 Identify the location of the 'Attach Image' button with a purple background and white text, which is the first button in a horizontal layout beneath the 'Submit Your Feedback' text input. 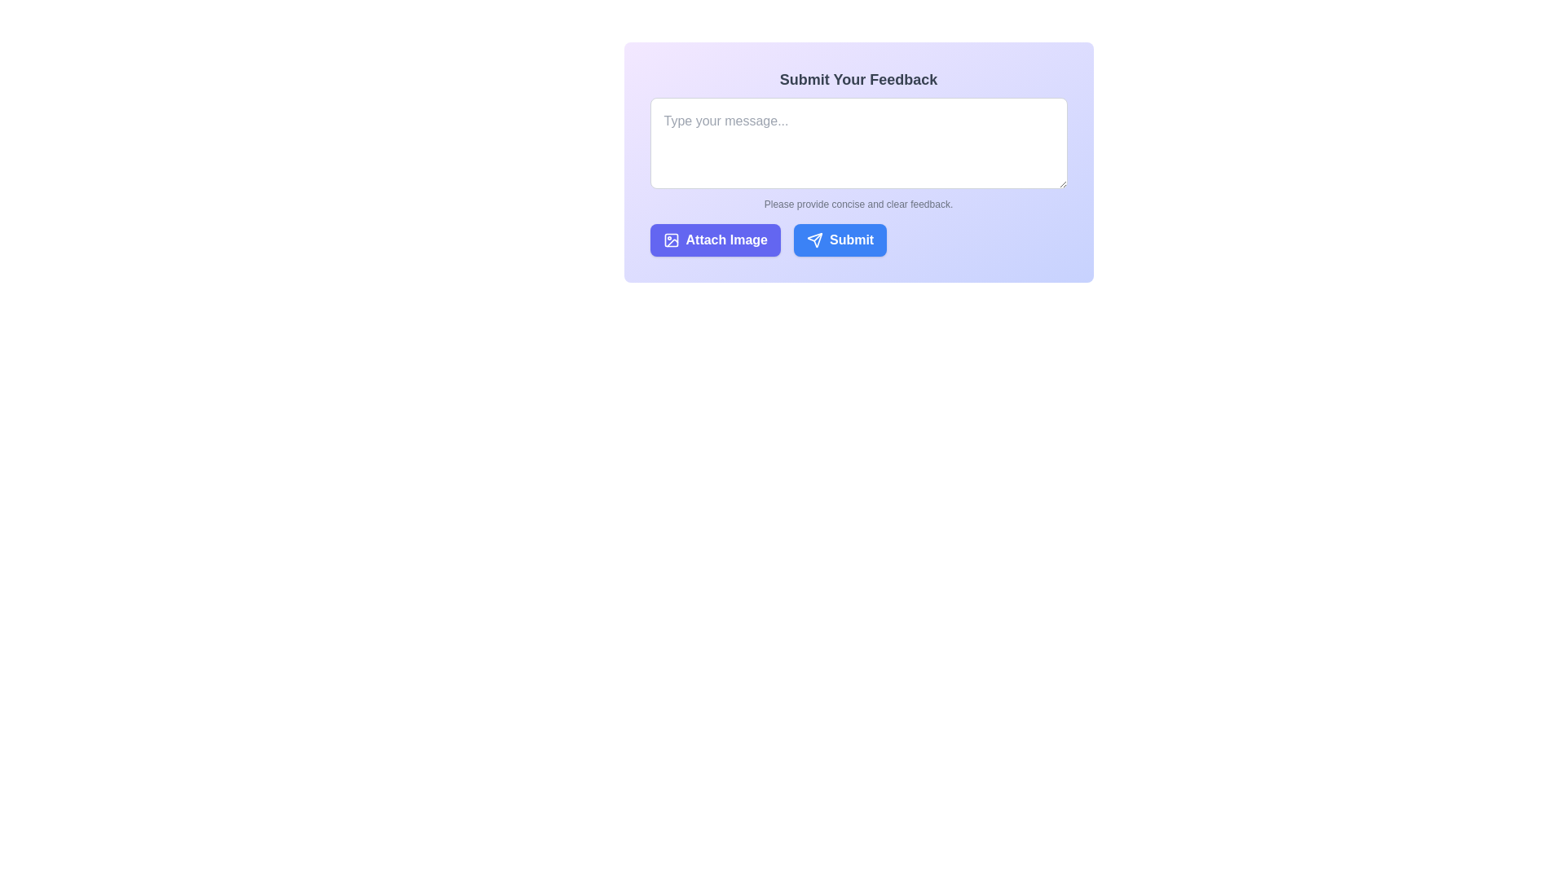
(715, 240).